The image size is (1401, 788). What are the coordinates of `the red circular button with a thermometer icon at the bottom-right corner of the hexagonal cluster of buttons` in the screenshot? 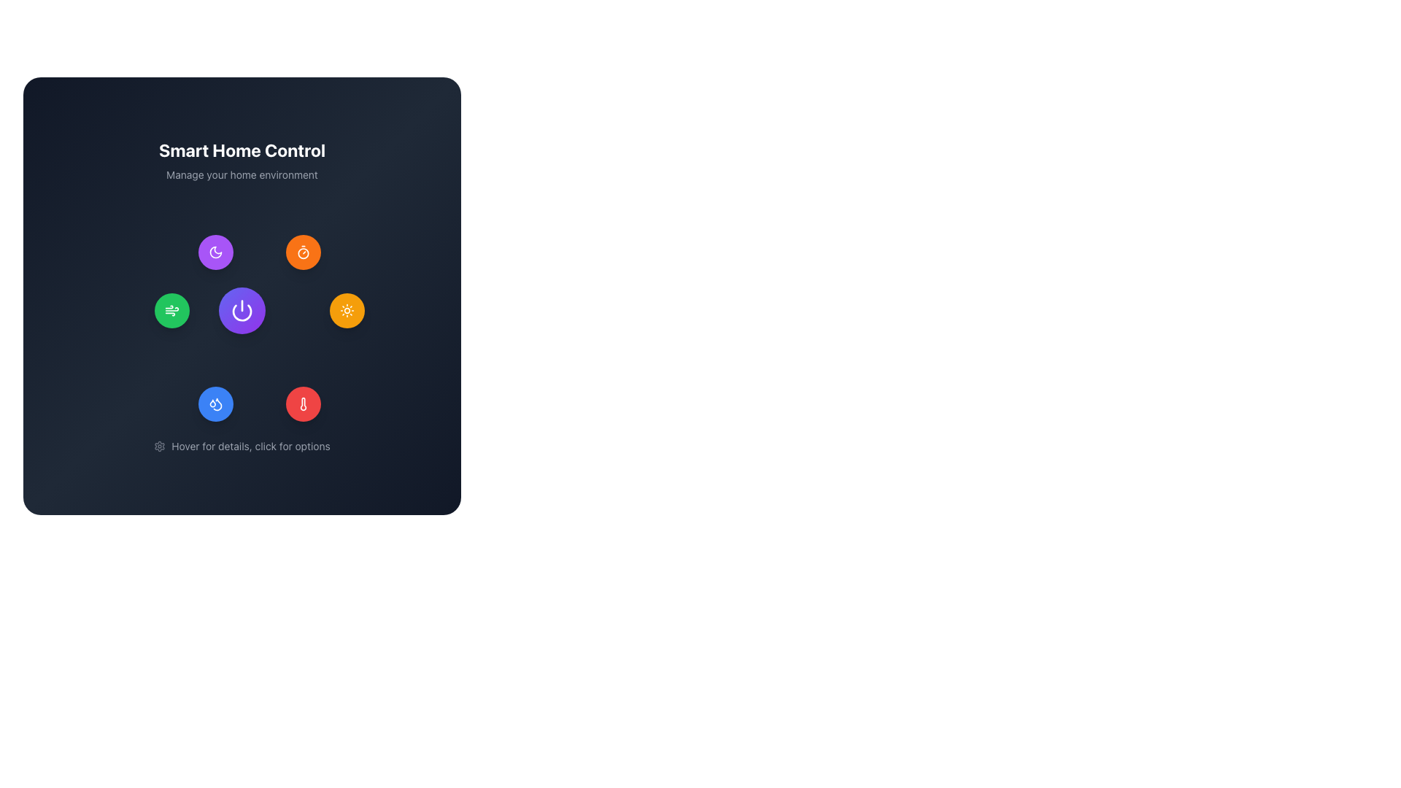 It's located at (303, 404).